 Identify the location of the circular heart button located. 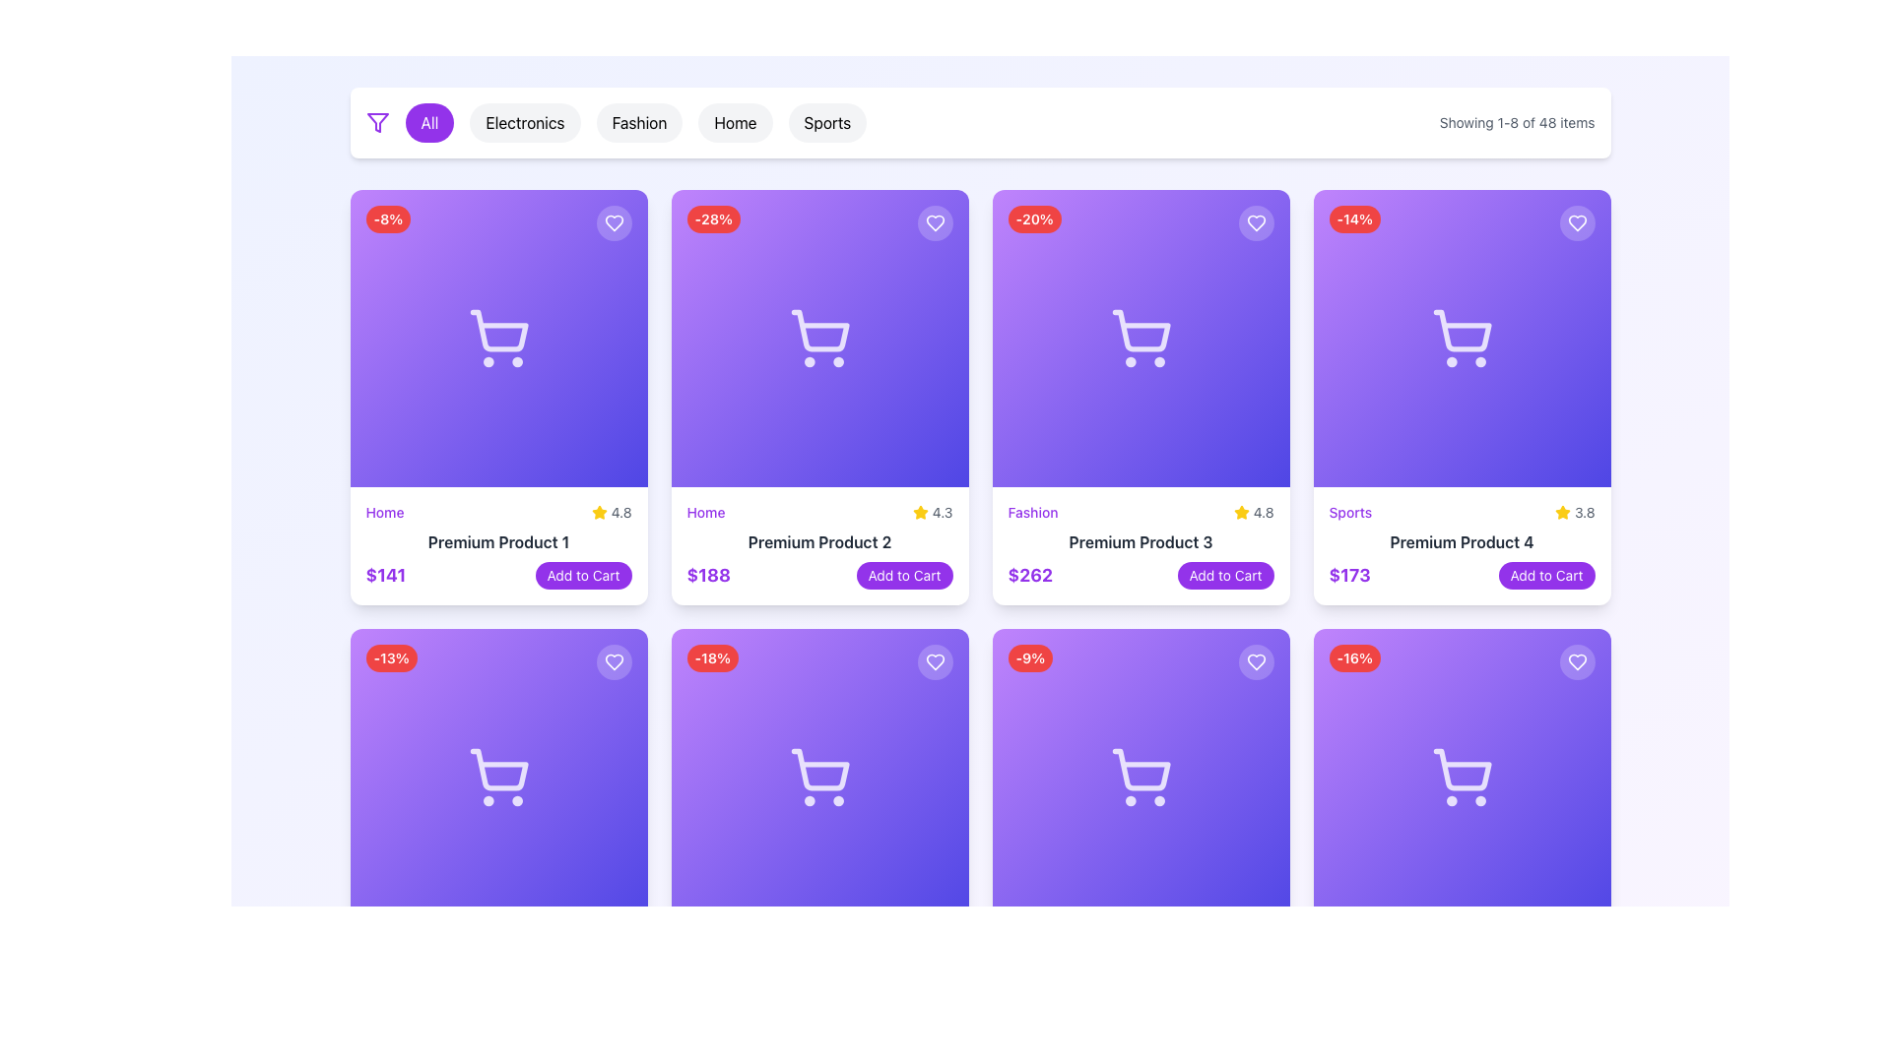
(934, 222).